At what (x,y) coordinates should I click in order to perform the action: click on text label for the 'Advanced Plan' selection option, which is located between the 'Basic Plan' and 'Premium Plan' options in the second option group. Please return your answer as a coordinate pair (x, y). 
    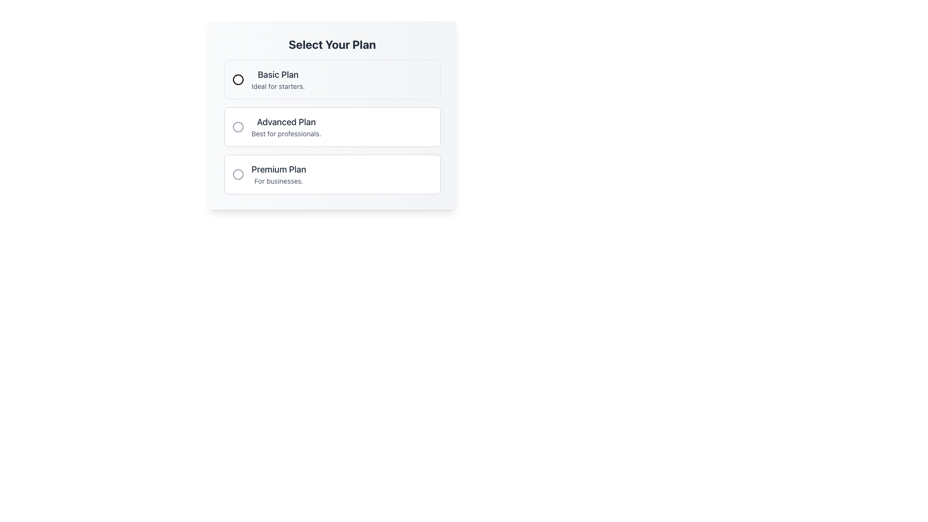
    Looking at the image, I should click on (286, 122).